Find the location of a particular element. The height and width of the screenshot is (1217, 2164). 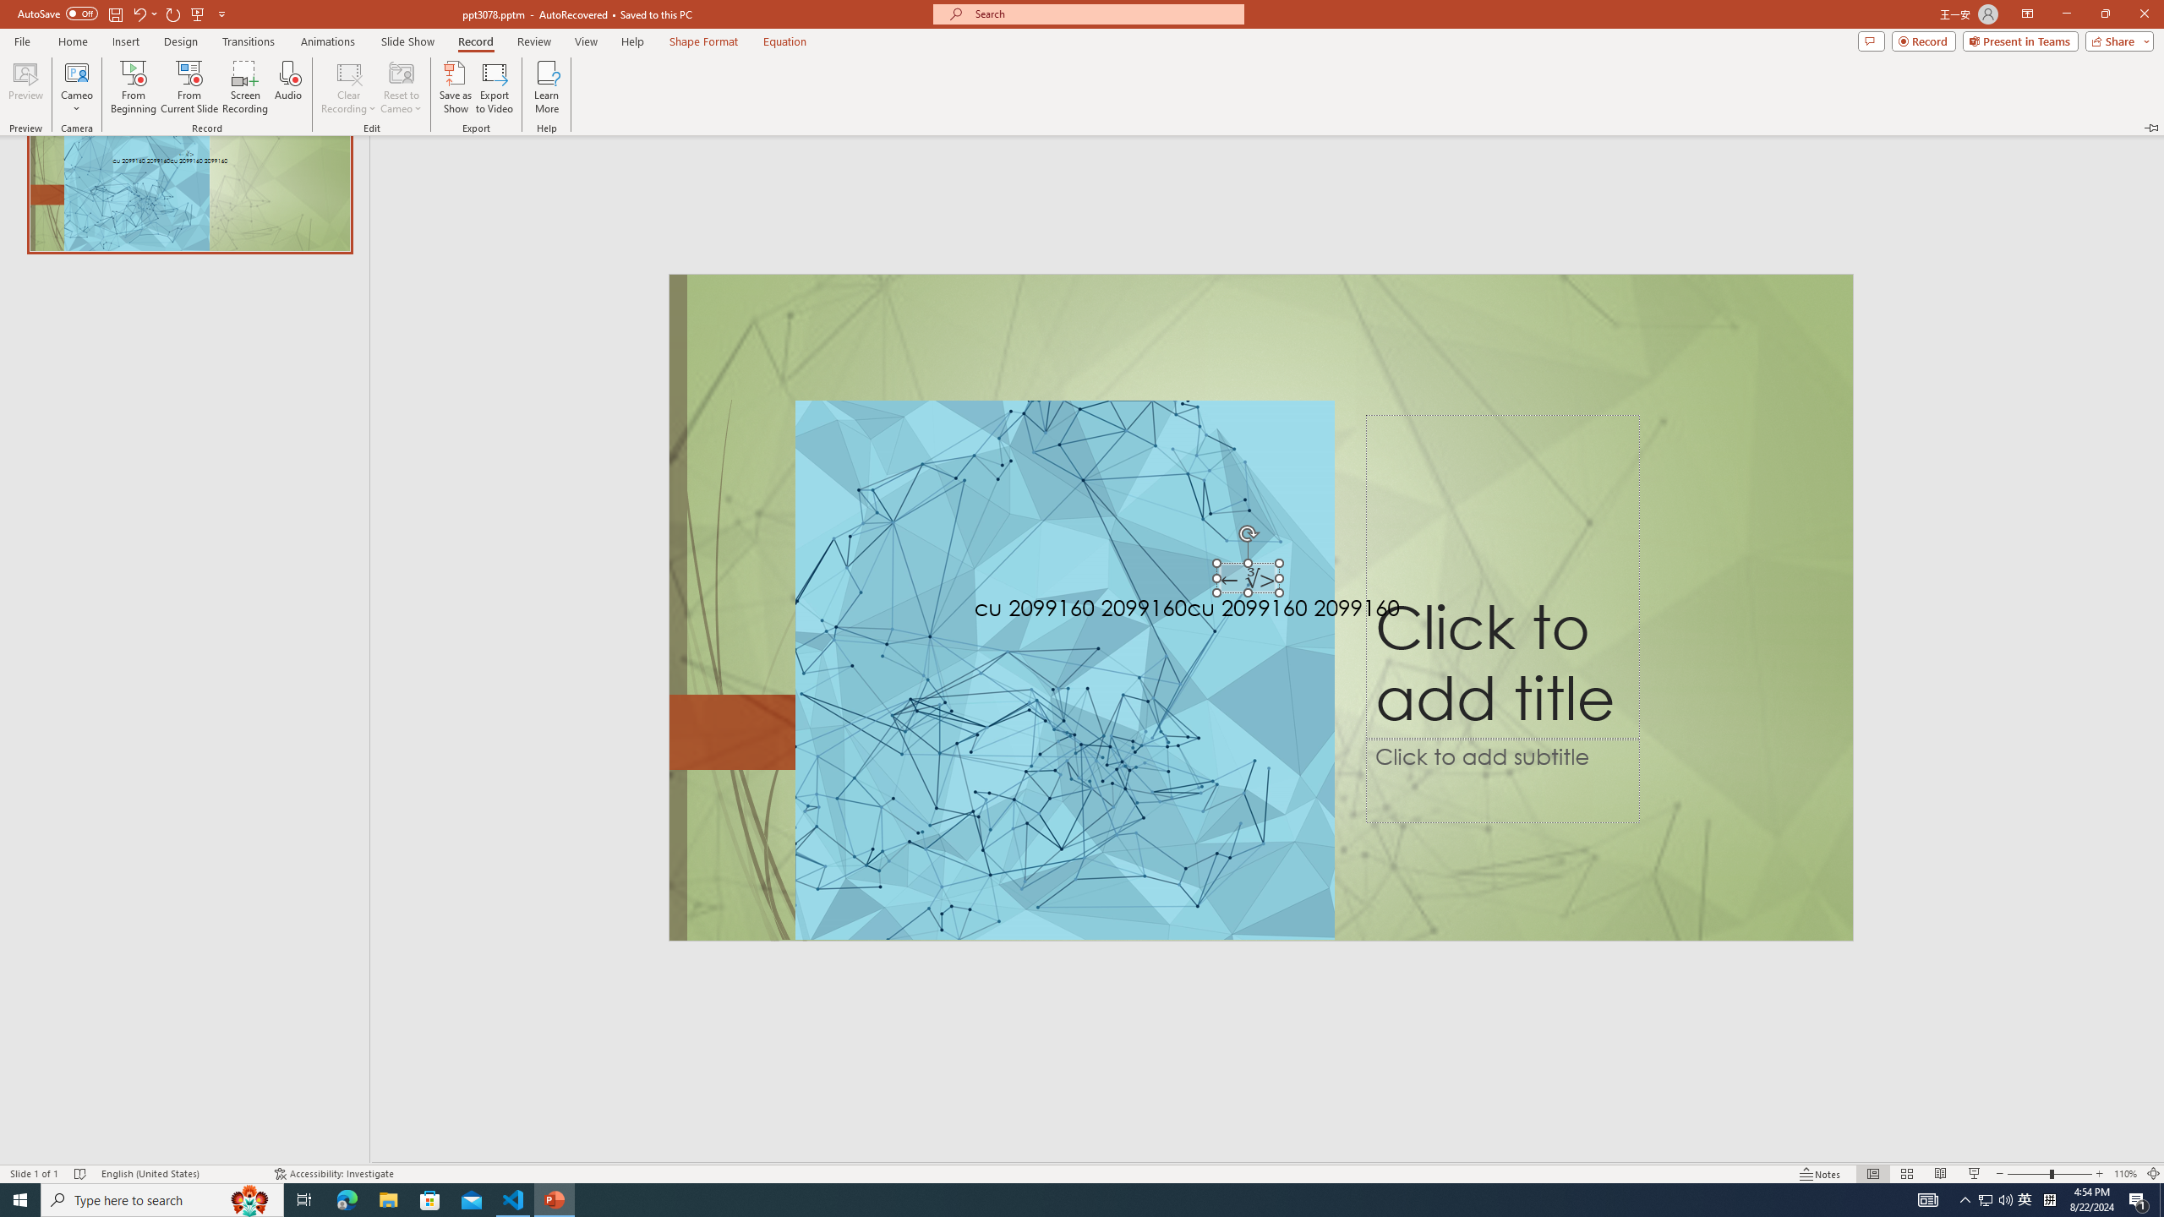

'Tray Input Indicator - Chinese (Simplified, China)' is located at coordinates (2049, 1198).